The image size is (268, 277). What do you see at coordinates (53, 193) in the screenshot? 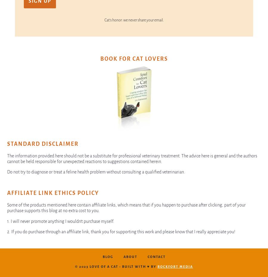
I see `'Affiliate Link Ethics Policy'` at bounding box center [53, 193].